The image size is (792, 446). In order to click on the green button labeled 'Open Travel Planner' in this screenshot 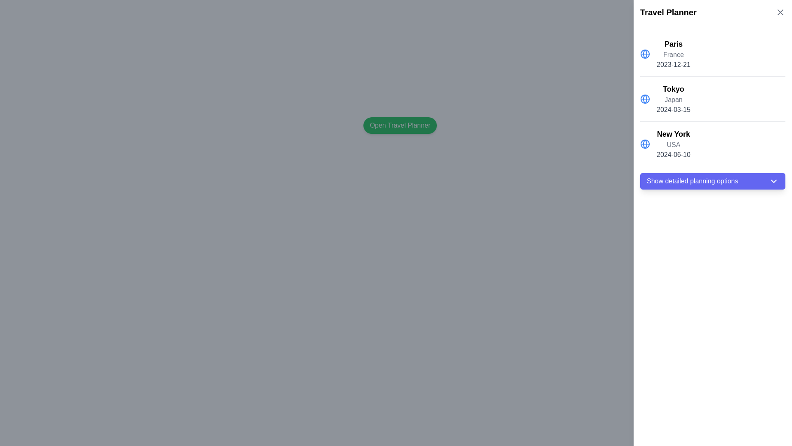, I will do `click(400, 129)`.